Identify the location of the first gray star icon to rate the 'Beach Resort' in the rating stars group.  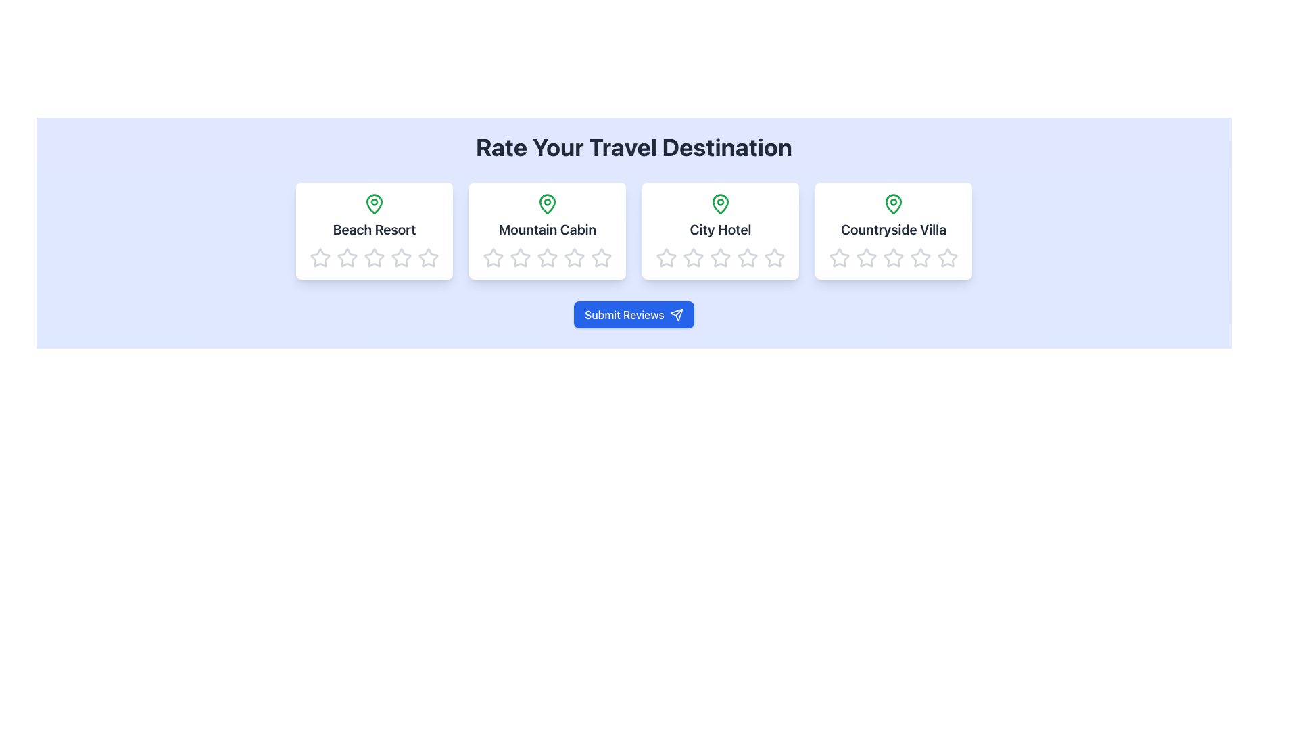
(347, 258).